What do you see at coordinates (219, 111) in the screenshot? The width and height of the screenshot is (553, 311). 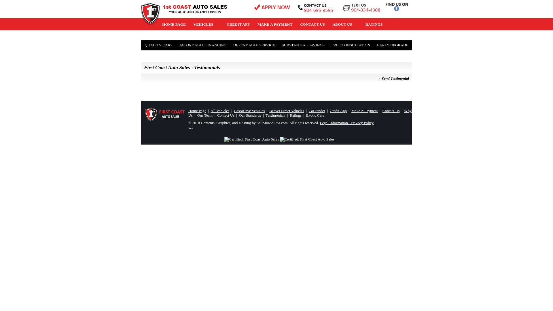 I see `'All Vehicles'` at bounding box center [219, 111].